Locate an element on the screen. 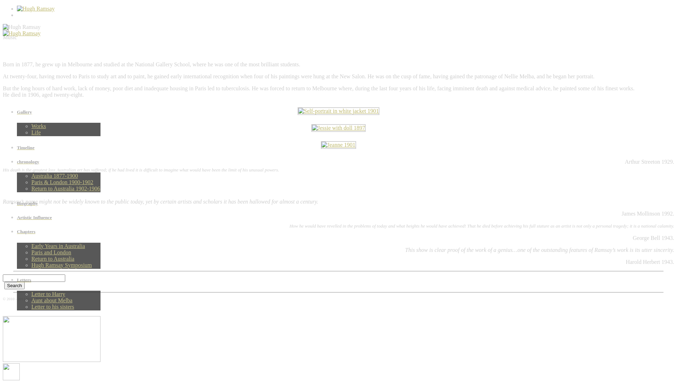 Image resolution: width=677 pixels, height=381 pixels. 'Early Years in Australia' is located at coordinates (58, 246).